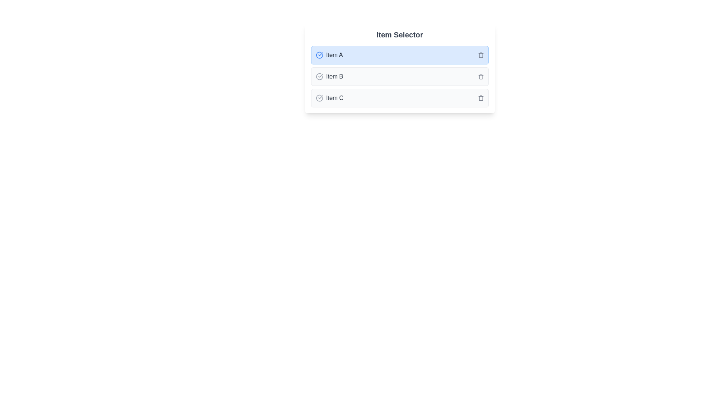  What do you see at coordinates (319, 98) in the screenshot?
I see `the graphical state represented by the Status indicator icon located in the third row labeled 'Item C', positioned to the left of the text label` at bounding box center [319, 98].